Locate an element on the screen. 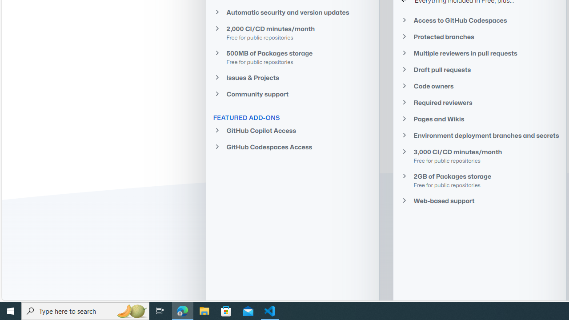 The width and height of the screenshot is (569, 320). 'GitHub Codespaces Access' is located at coordinates (292, 146).